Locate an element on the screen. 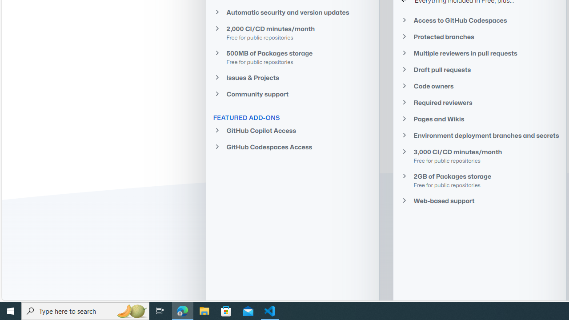 The width and height of the screenshot is (569, 320). 'GitHub Codespaces Access' is located at coordinates (292, 146).